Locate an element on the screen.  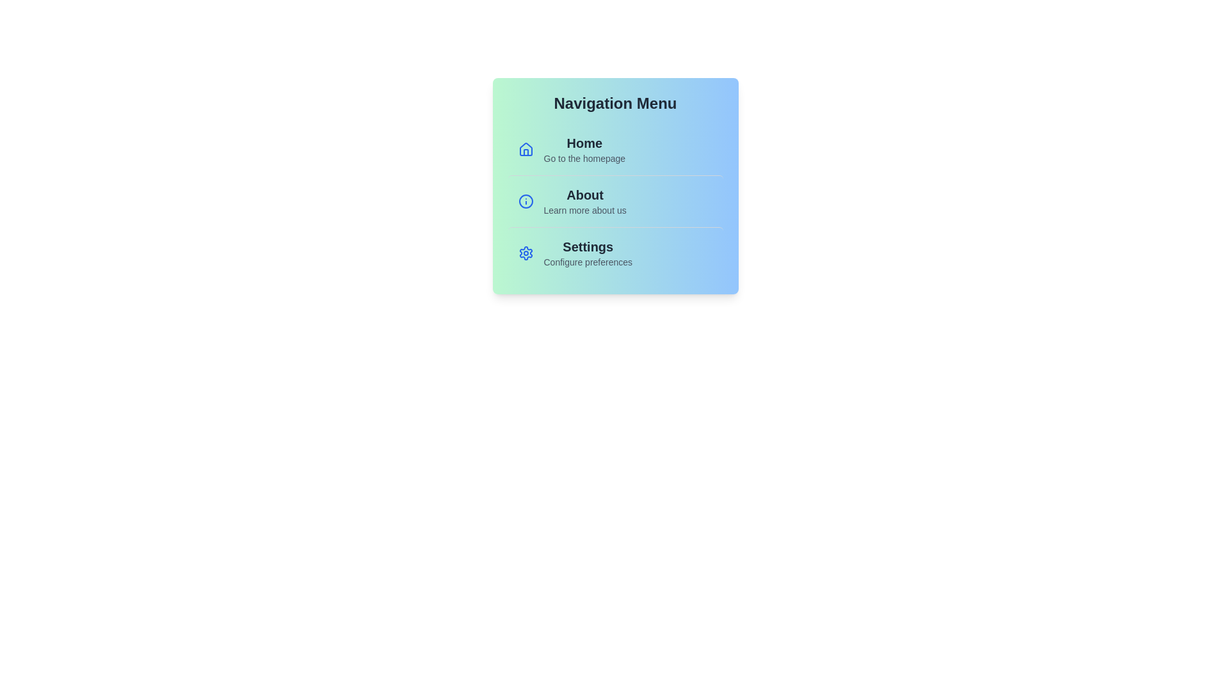
the menu item Settings to trigger its hover effect is located at coordinates (615, 253).